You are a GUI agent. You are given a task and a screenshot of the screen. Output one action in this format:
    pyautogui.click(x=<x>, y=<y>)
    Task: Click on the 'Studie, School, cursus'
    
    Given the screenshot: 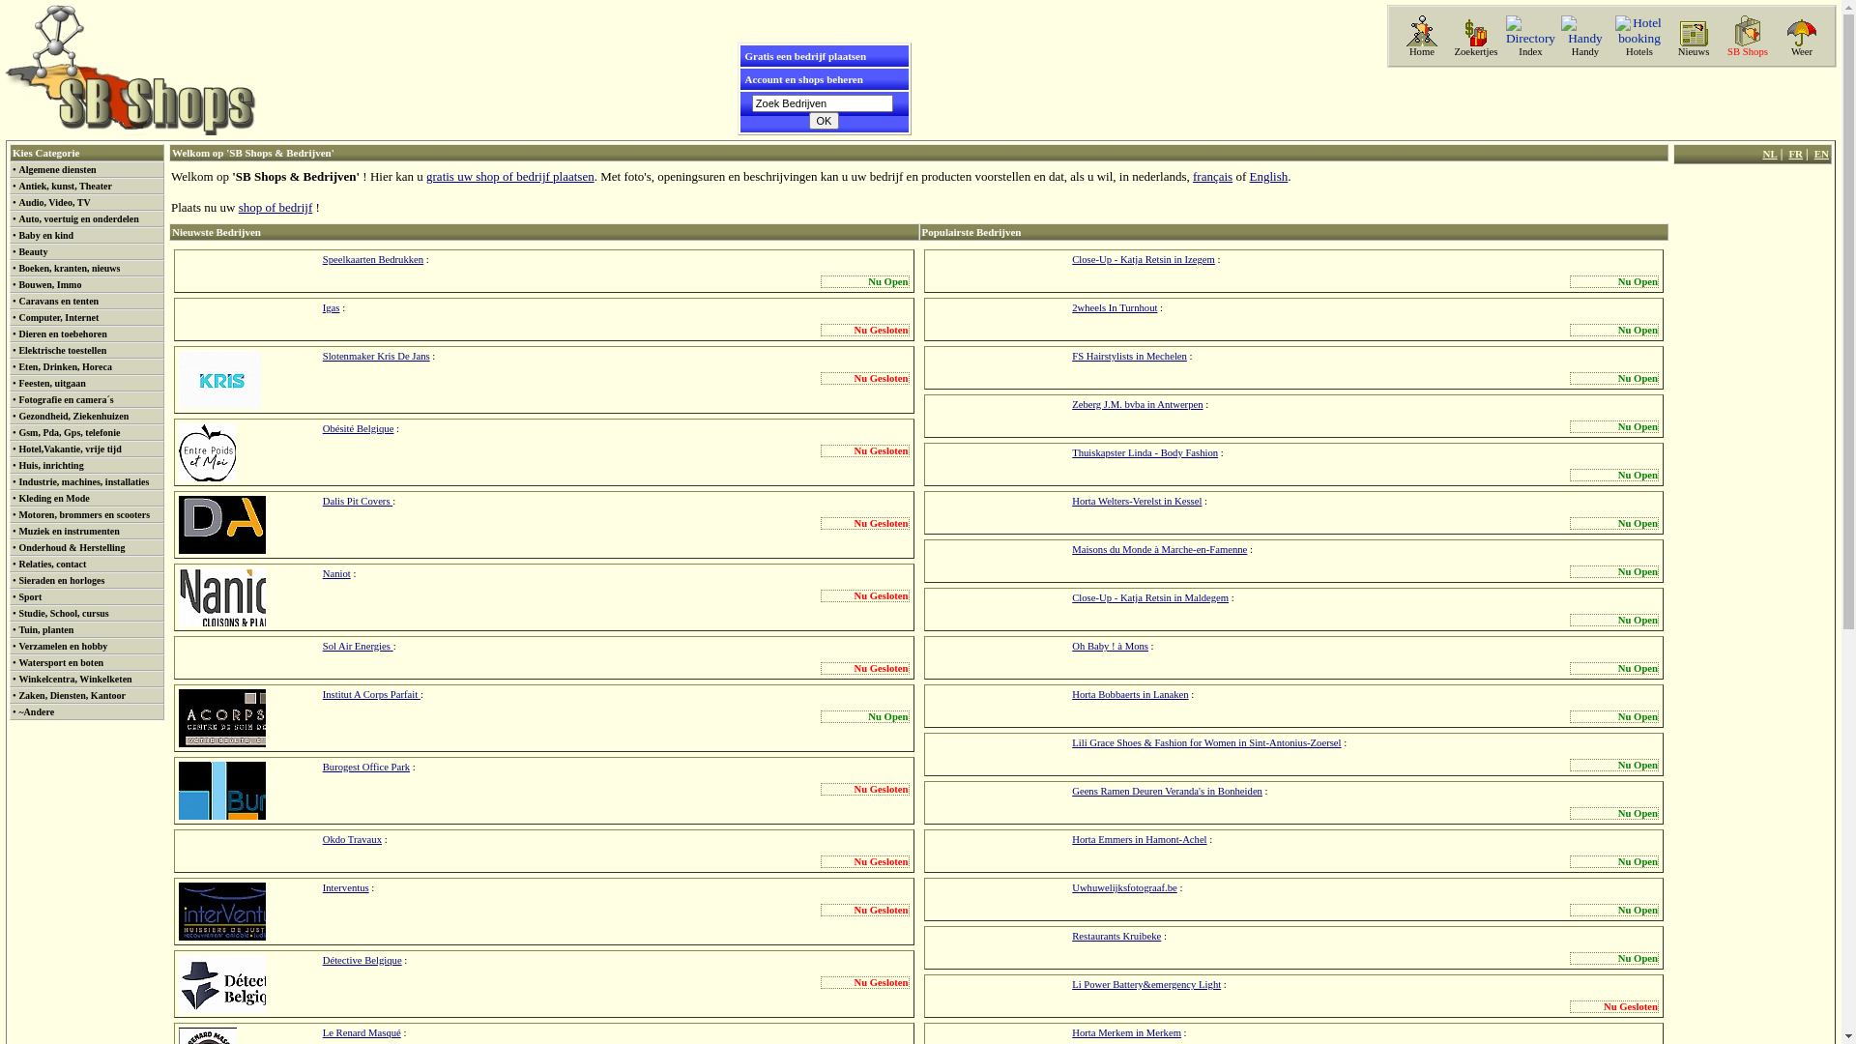 What is the action you would take?
    pyautogui.click(x=63, y=613)
    